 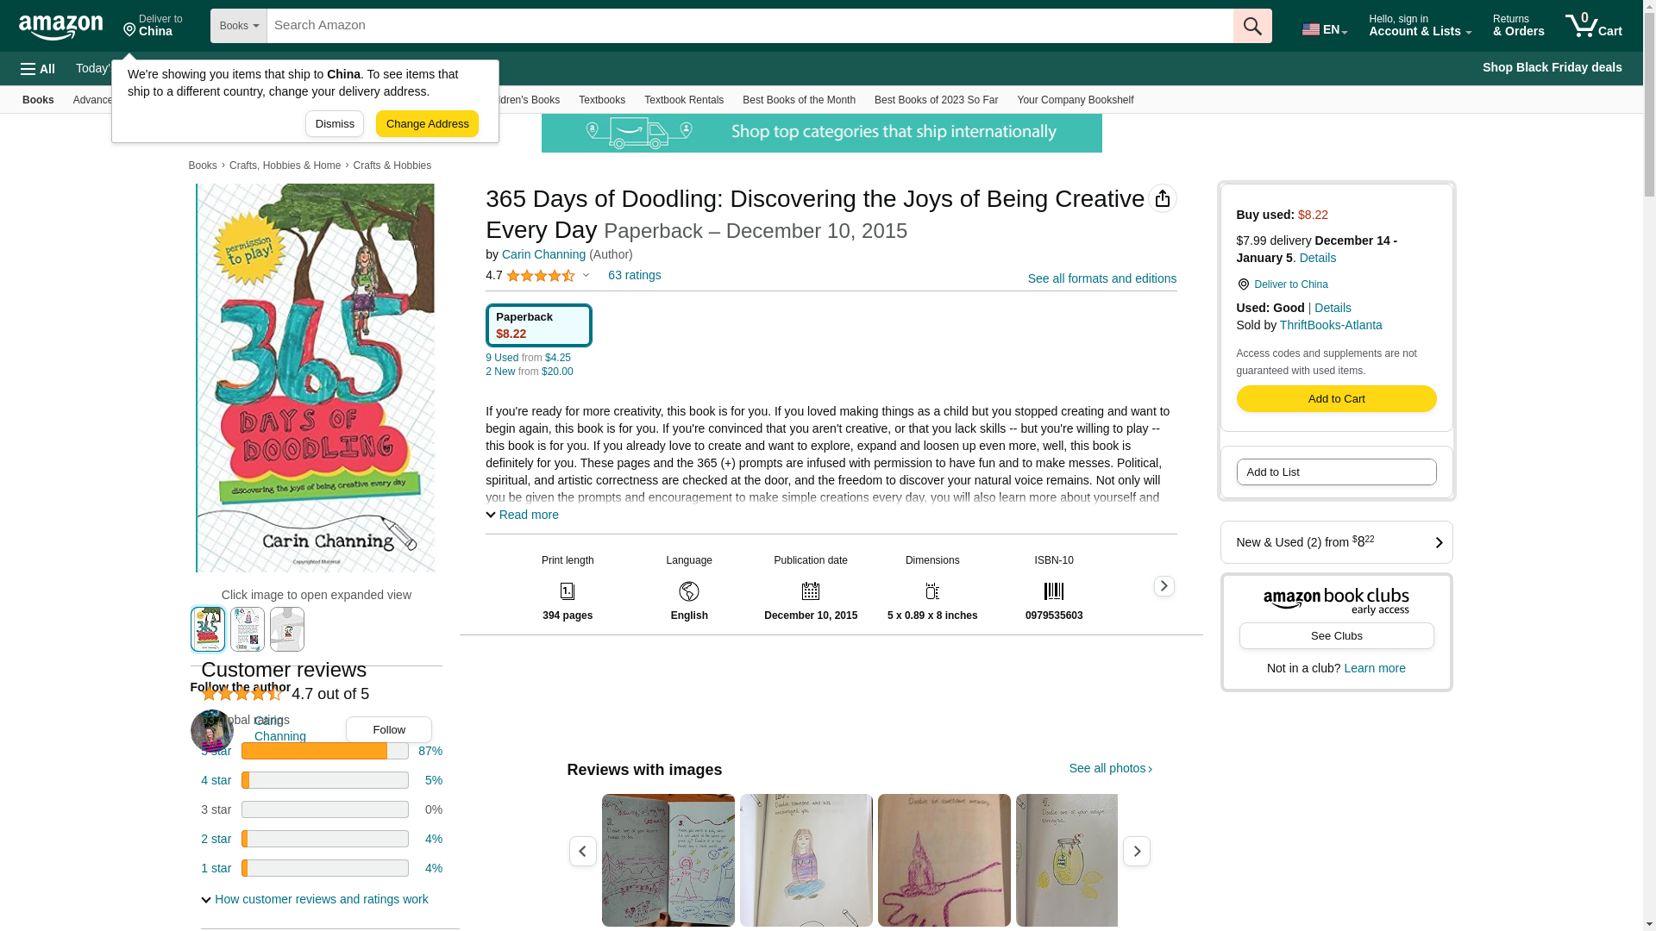 What do you see at coordinates (5, 23) in the screenshot?
I see `'Skip to main content'` at bounding box center [5, 23].